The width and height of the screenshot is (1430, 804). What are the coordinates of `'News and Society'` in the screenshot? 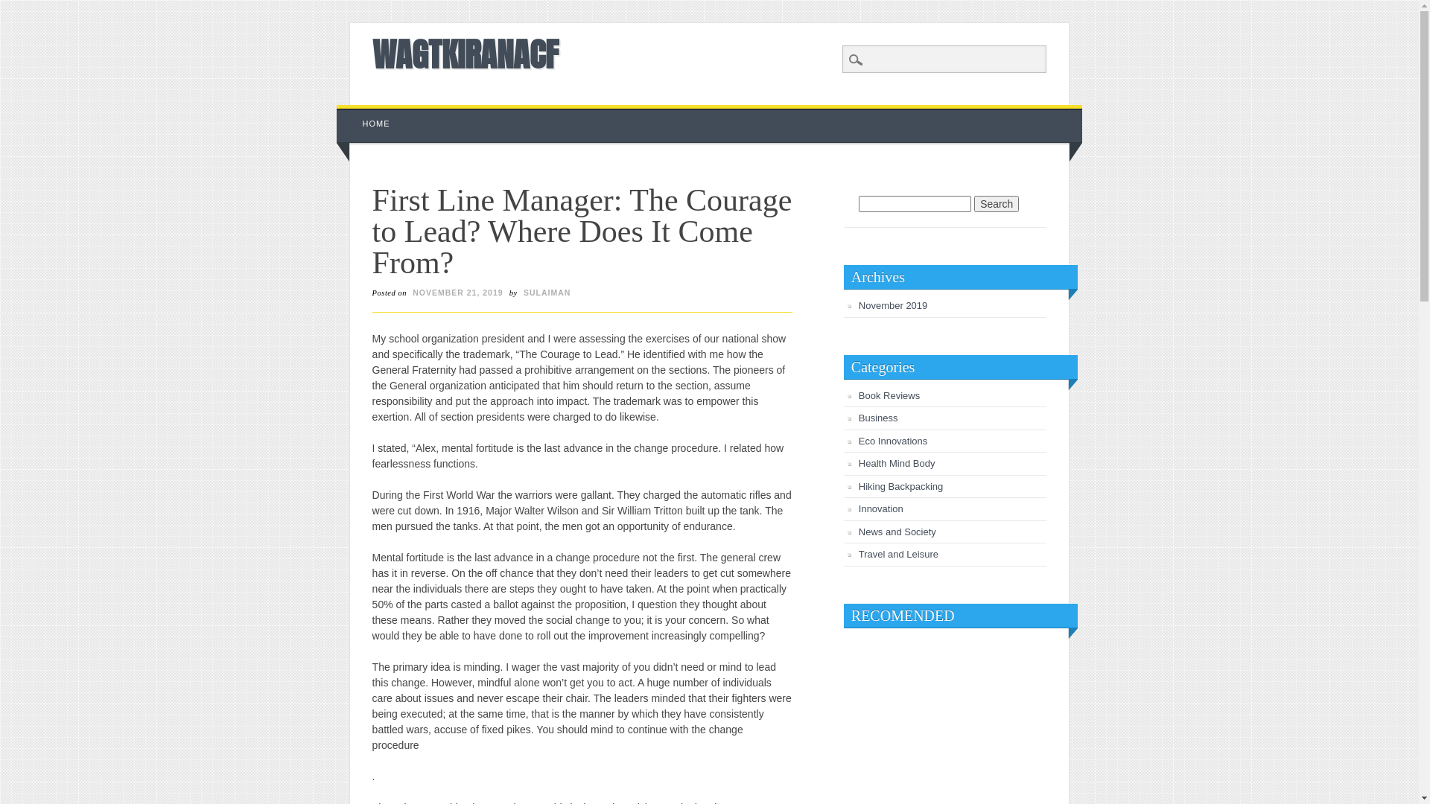 It's located at (896, 531).